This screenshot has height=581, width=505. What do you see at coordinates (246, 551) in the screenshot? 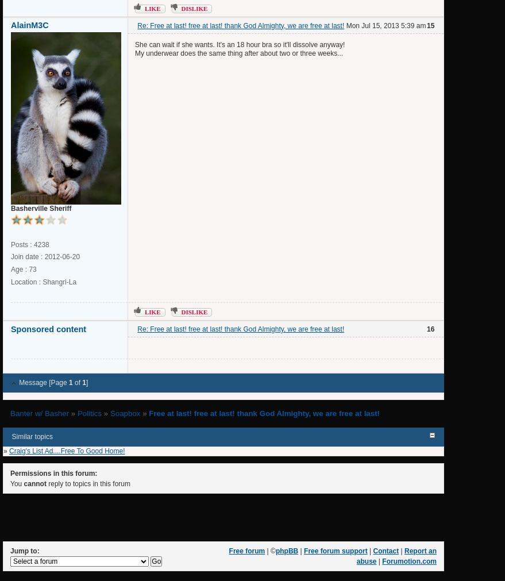
I see `'Free forum'` at bounding box center [246, 551].